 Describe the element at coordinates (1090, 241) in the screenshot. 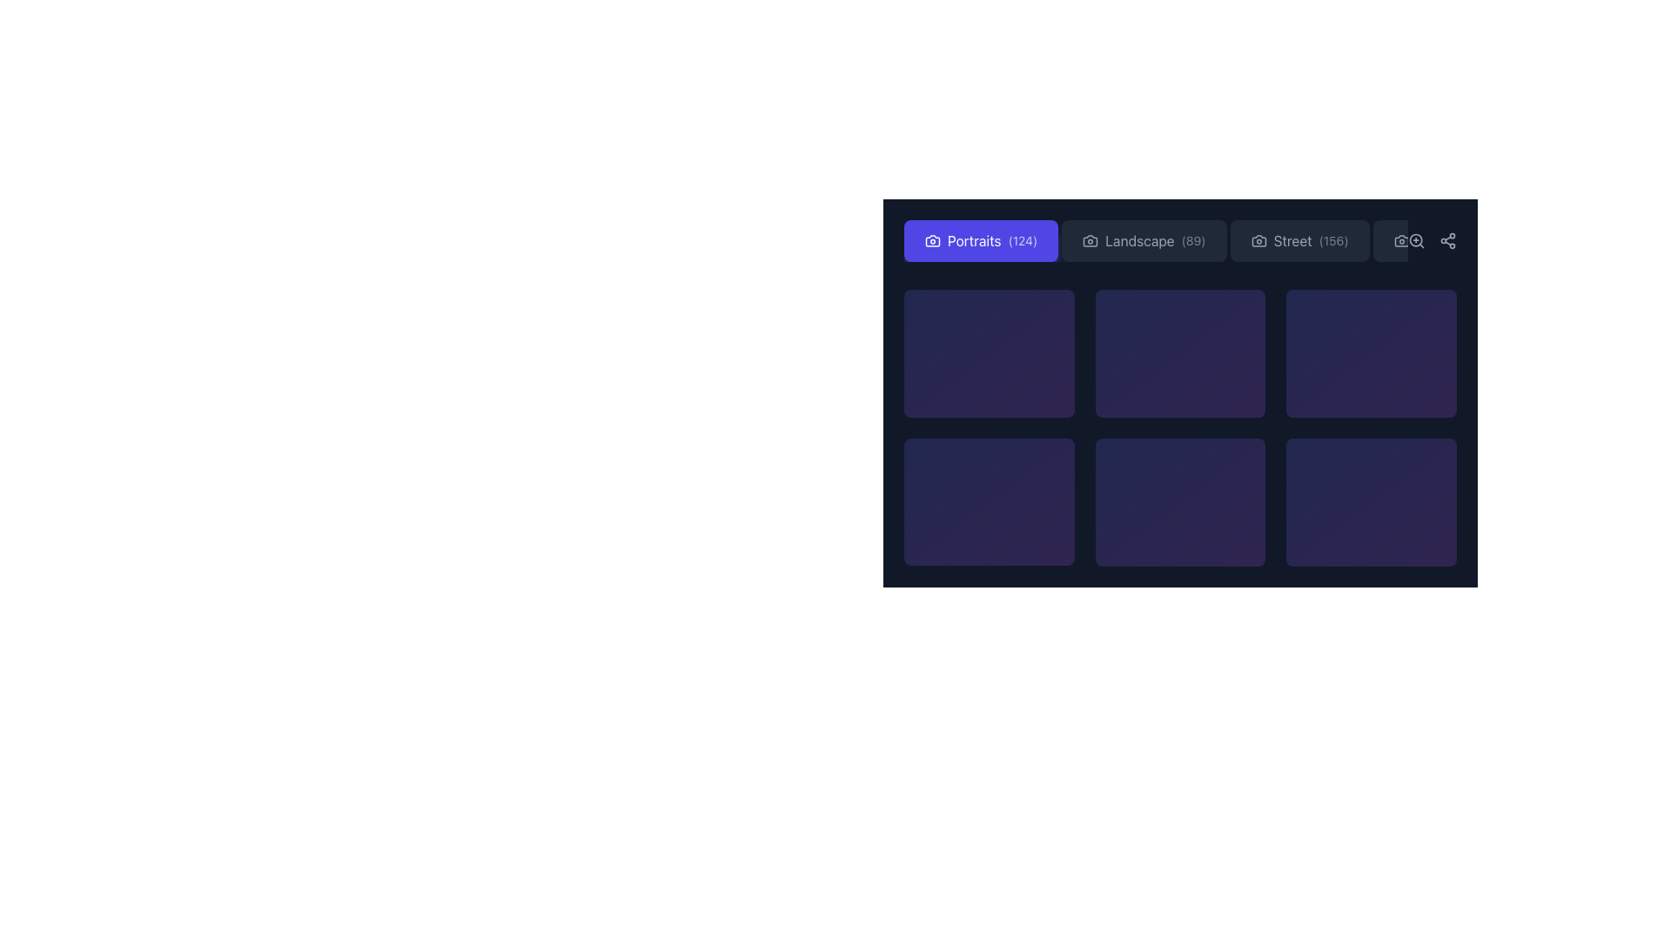

I see `the camera icon which is a minimalist outline style located before the label 'Landscape(89)' in the navigation bar` at that location.